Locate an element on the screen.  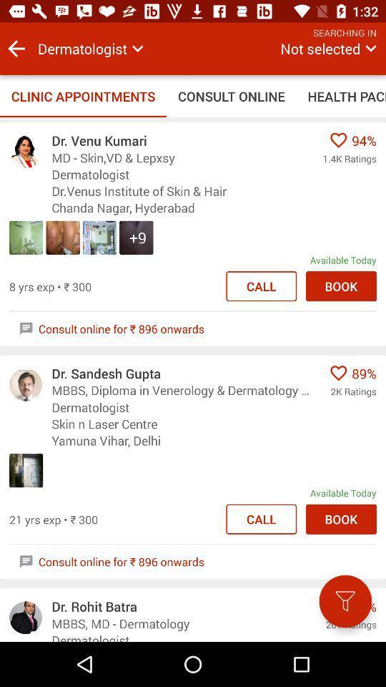
open for wifi menu is located at coordinates (345, 601).